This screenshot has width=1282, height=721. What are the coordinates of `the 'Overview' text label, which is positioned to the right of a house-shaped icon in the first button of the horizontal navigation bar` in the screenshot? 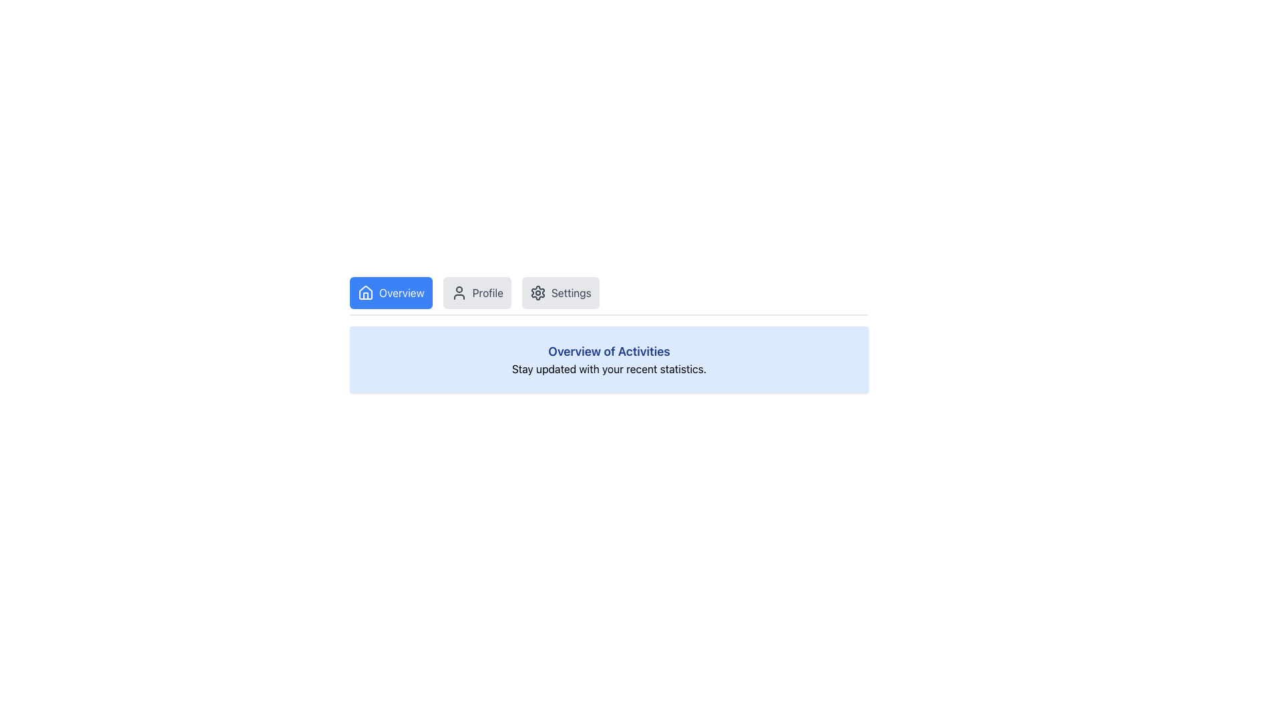 It's located at (401, 292).